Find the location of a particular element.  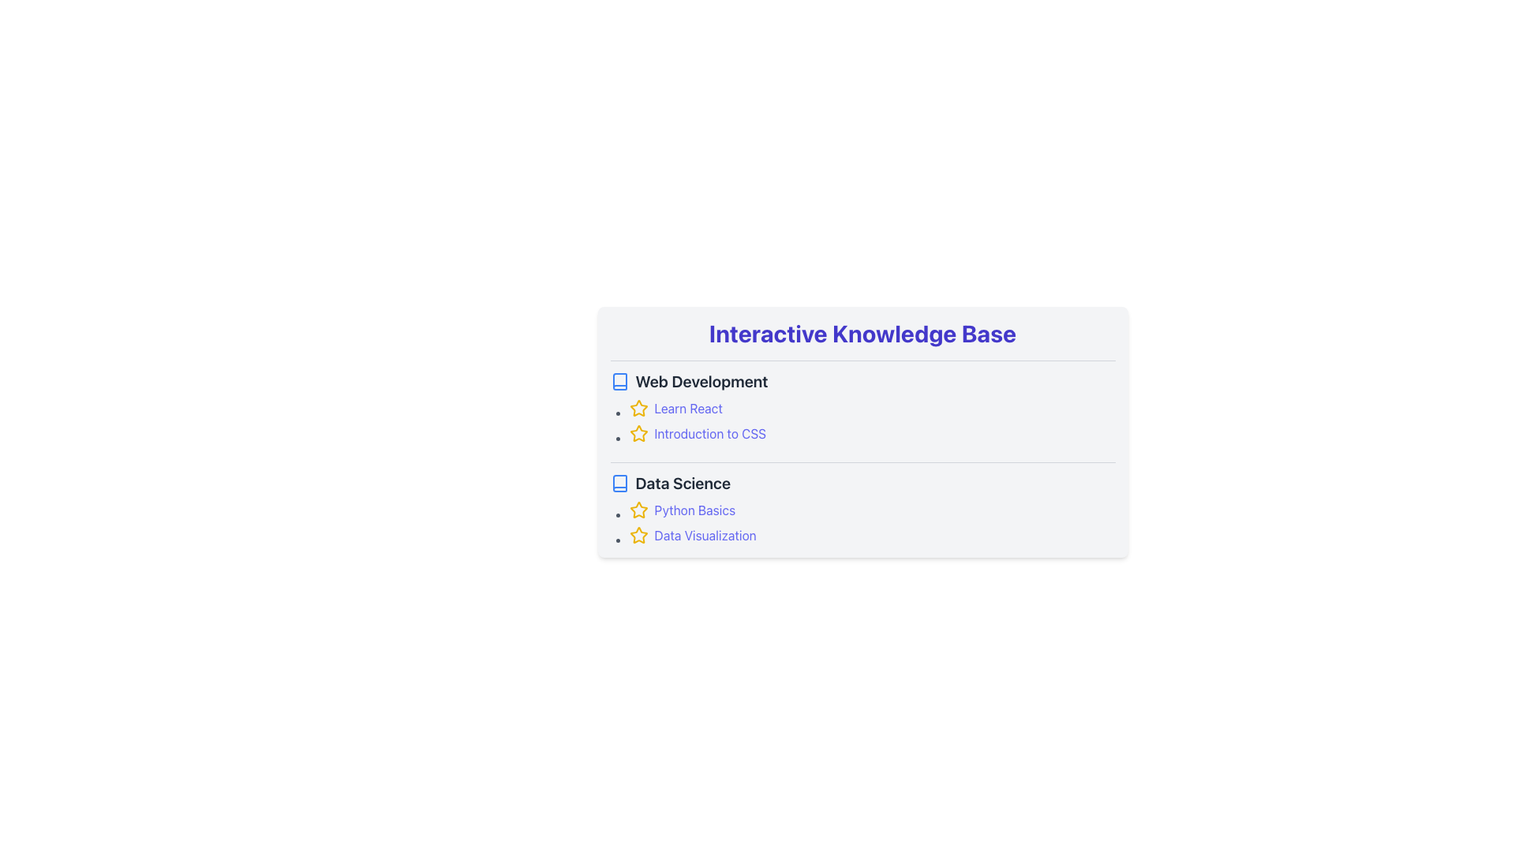

the yellow star icon located immediately to the left of the 'Learn React' text in the Web Development section is located at coordinates (638, 407).